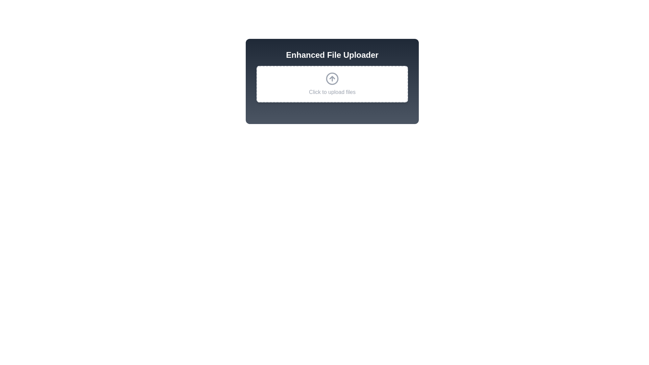 The width and height of the screenshot is (649, 365). What do you see at coordinates (332, 81) in the screenshot?
I see `and drop files into the file upload interface located at the central position of the section with an upload button, identified by its outlined white area` at bounding box center [332, 81].